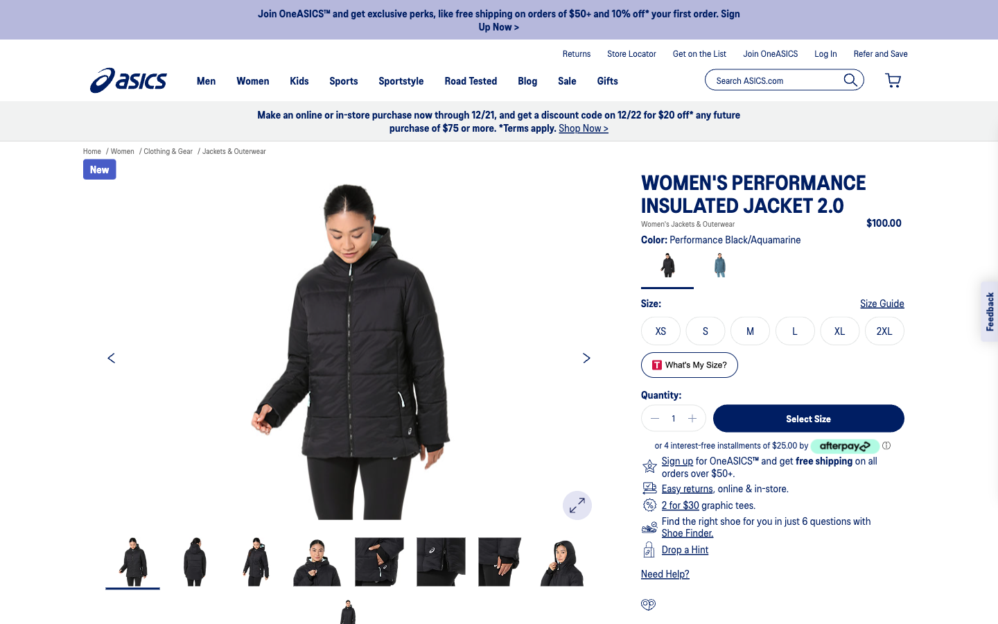 Image resolution: width=998 pixels, height=624 pixels. What do you see at coordinates (586, 356) in the screenshot?
I see `Display the following photo of the product` at bounding box center [586, 356].